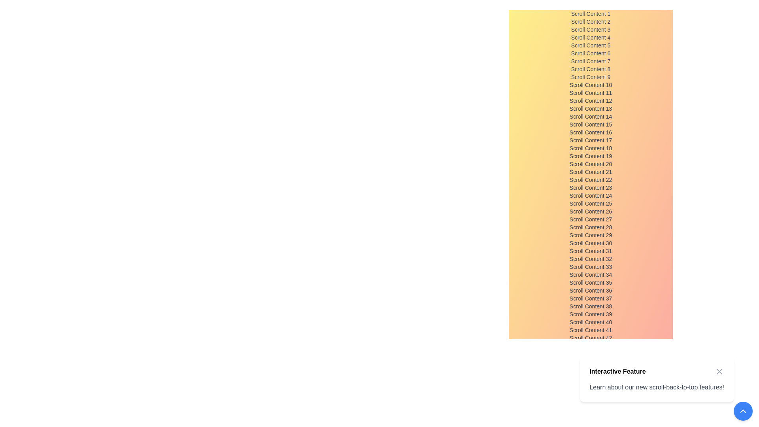  I want to click on the close button represented as a diagonal cross within a circular boundary located in the top-right corner of the tooltip-style floating panel, so click(719, 372).